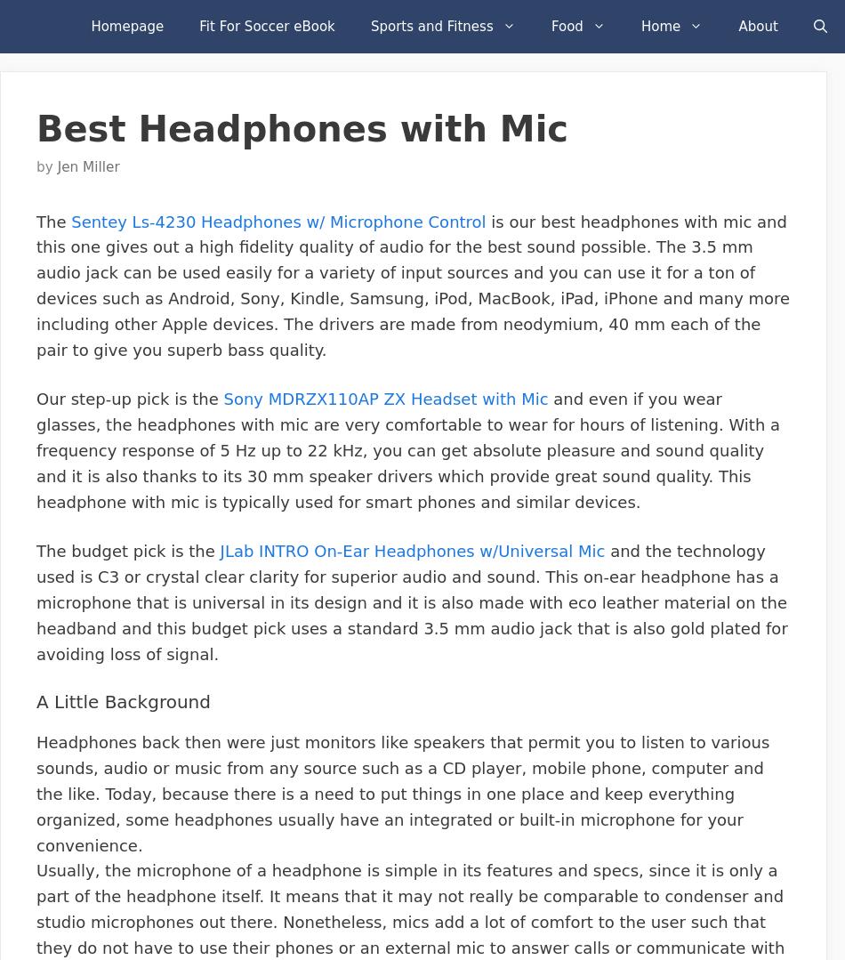  What do you see at coordinates (46, 165) in the screenshot?
I see `'by'` at bounding box center [46, 165].